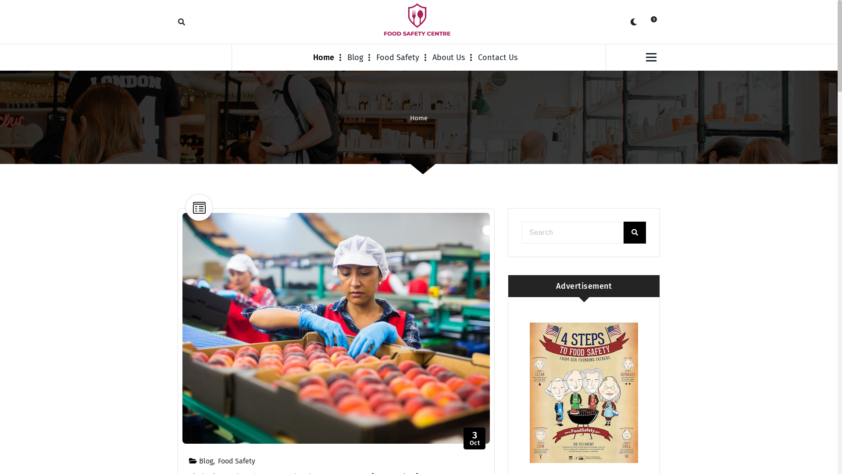 The image size is (842, 474). Describe the element at coordinates (206, 460) in the screenshot. I see `'Blog'` at that location.